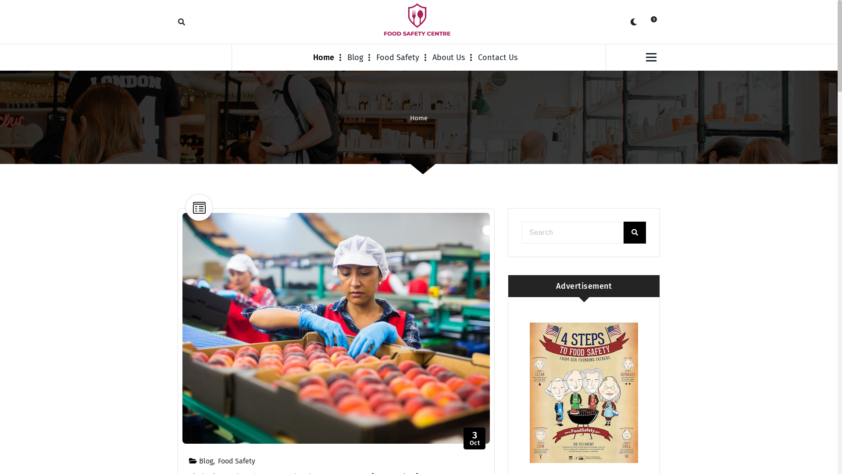 The image size is (842, 474). Describe the element at coordinates (206, 460) in the screenshot. I see `'Blog'` at that location.